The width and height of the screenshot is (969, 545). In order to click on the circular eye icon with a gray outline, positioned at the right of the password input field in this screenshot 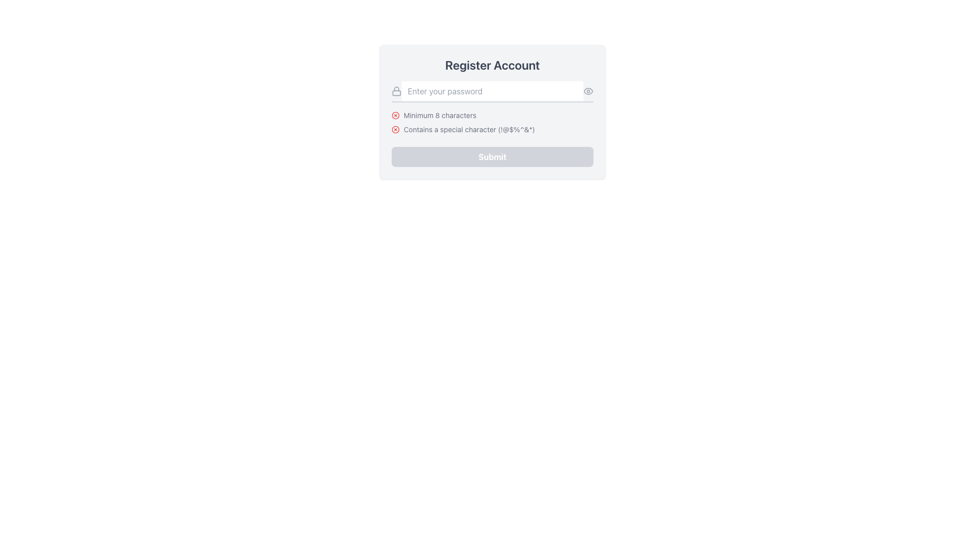, I will do `click(588, 91)`.